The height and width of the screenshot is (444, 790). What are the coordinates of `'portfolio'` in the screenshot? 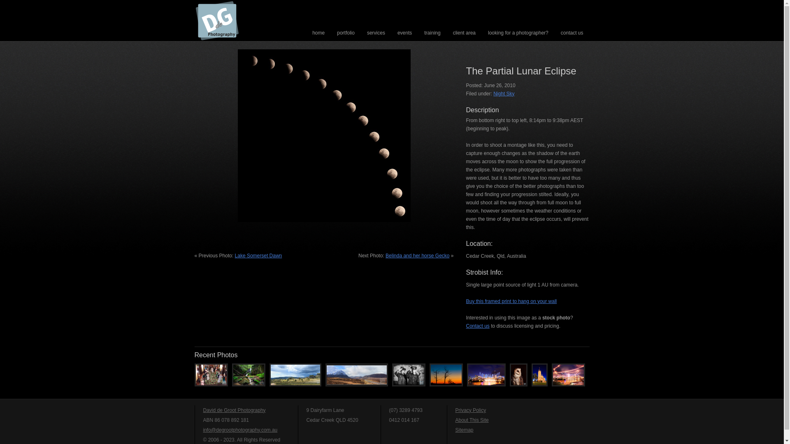 It's located at (346, 33).